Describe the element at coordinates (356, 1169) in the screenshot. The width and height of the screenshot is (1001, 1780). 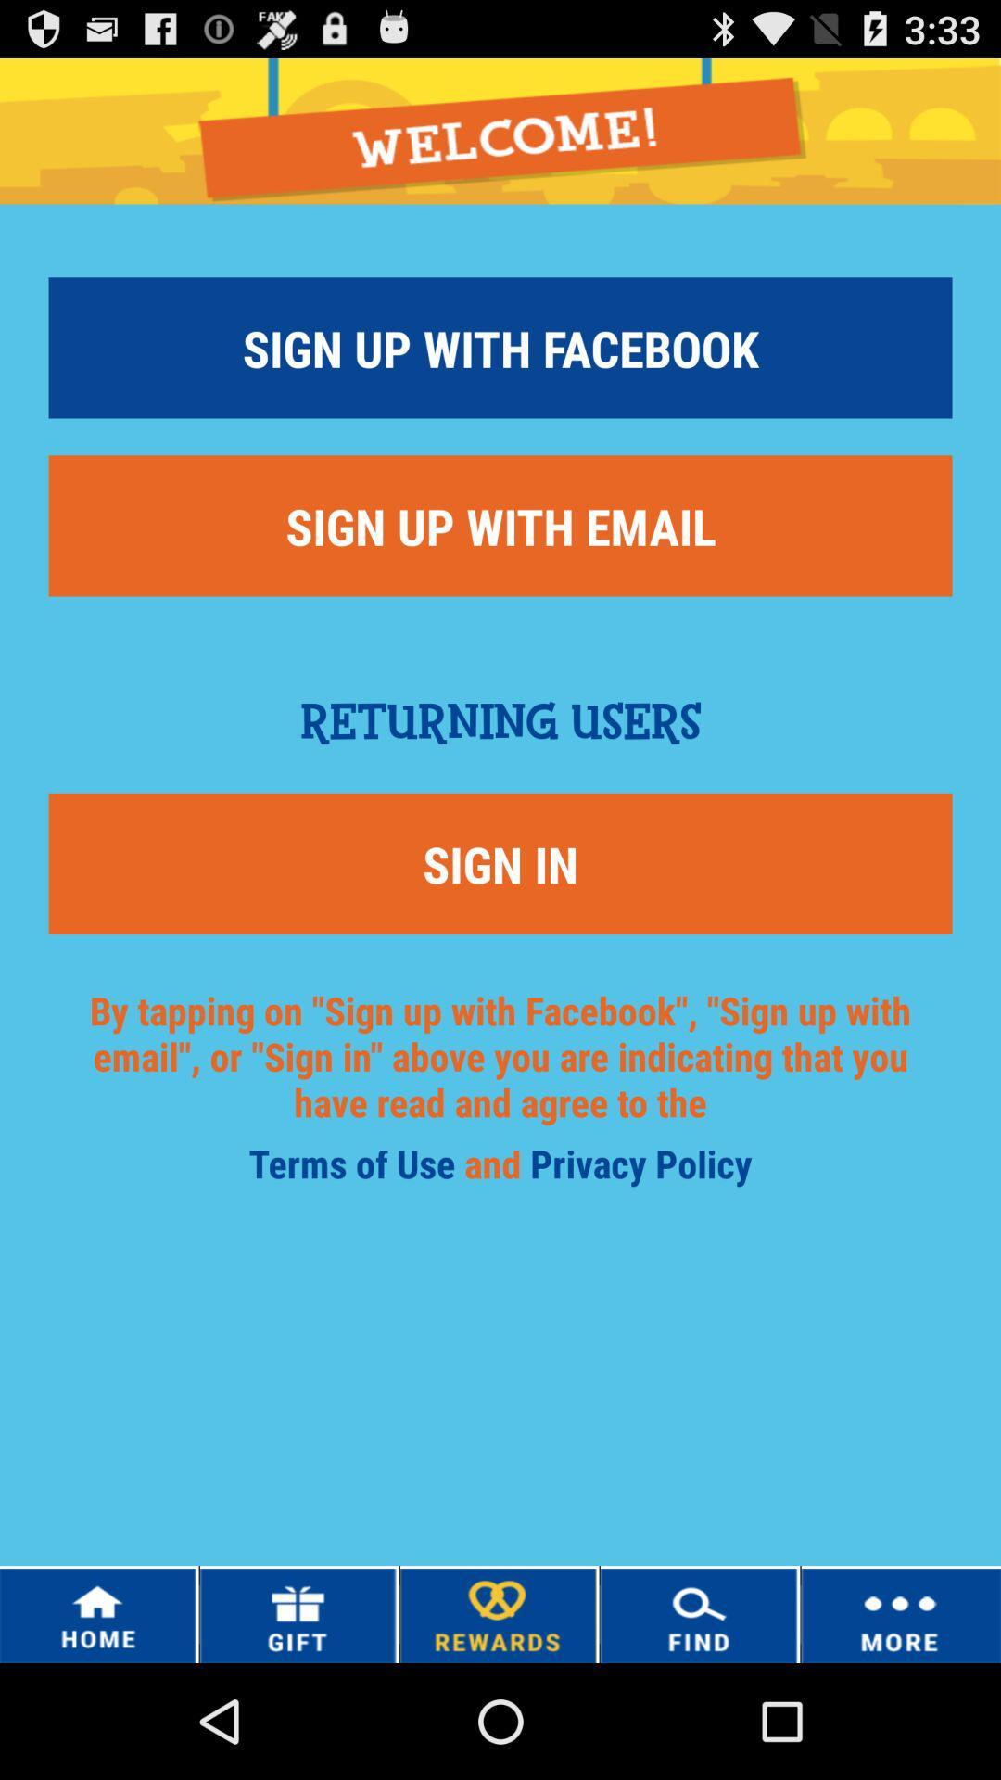
I see `icon next to the and  icon` at that location.